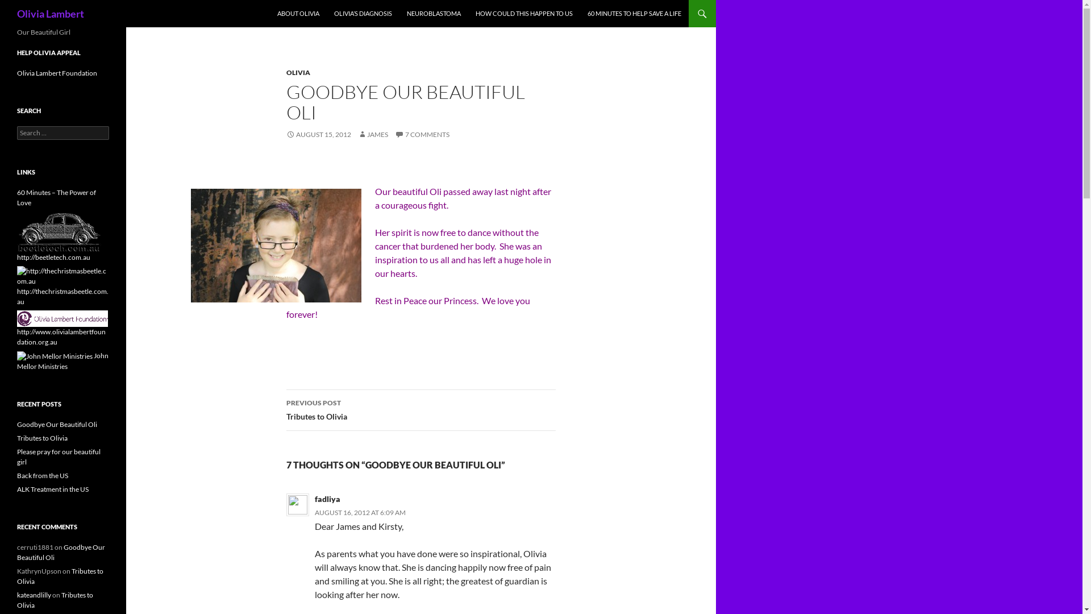 This screenshot has width=1091, height=614. What do you see at coordinates (314, 512) in the screenshot?
I see `'AUGUST 16, 2012 AT 6:09 AM'` at bounding box center [314, 512].